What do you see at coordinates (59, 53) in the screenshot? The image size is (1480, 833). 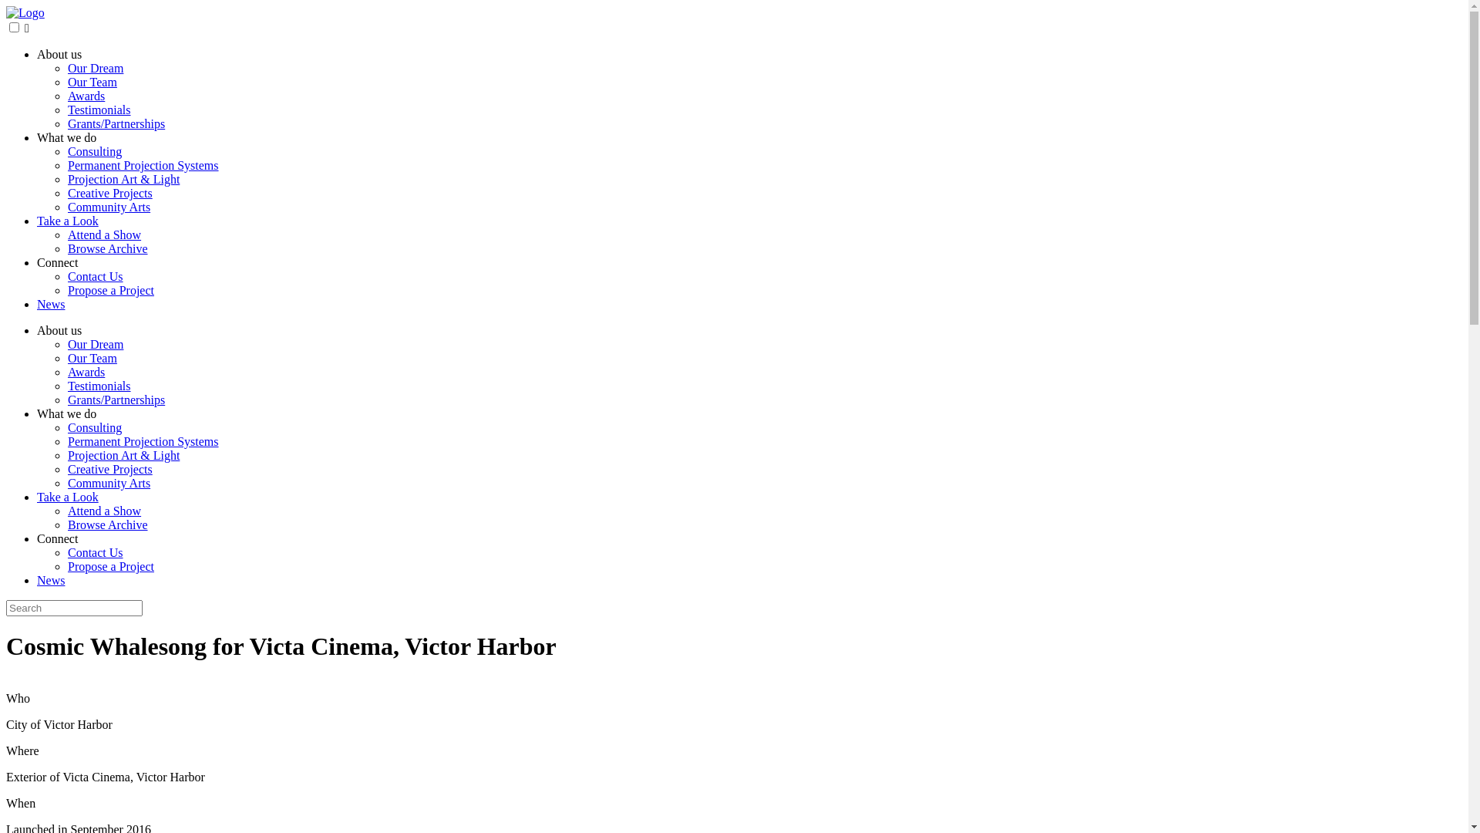 I see `'About us'` at bounding box center [59, 53].